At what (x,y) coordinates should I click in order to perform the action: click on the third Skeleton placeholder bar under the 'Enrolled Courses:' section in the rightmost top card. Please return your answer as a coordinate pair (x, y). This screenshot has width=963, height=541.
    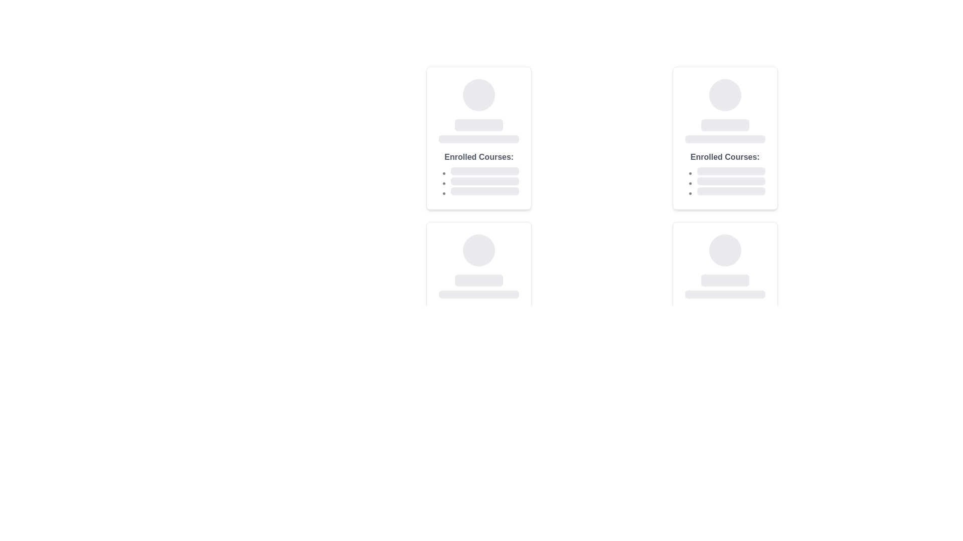
    Looking at the image, I should click on (731, 191).